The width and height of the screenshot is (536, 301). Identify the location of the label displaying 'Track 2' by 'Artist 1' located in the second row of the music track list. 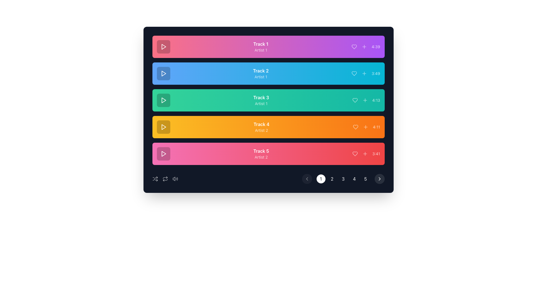
(260, 73).